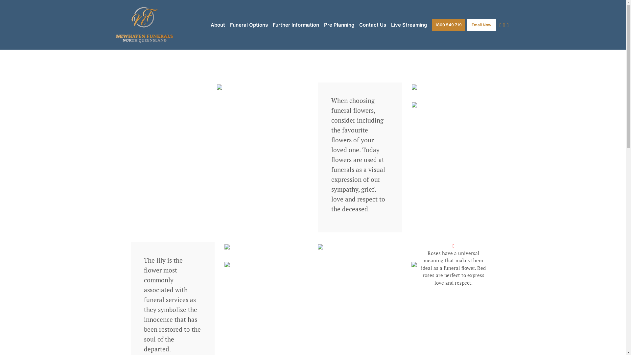 This screenshot has height=355, width=631. Describe the element at coordinates (372, 25) in the screenshot. I see `'Contact Us'` at that location.